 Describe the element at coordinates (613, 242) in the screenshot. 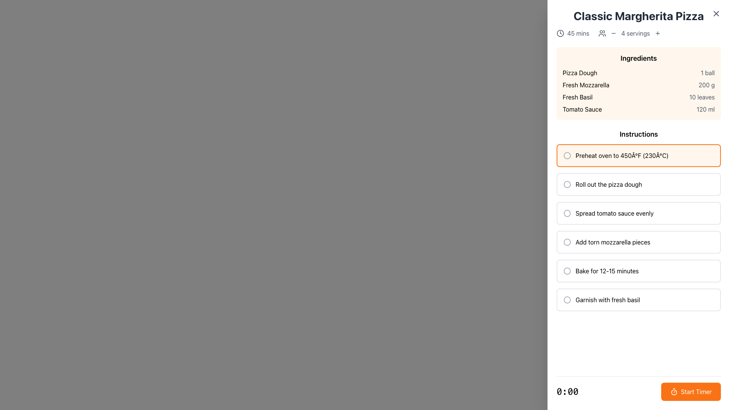

I see `the text element that says 'Add torn mozzarella pieces', which is the fourth item in the instructional list, located in the right column of the user interface` at that location.